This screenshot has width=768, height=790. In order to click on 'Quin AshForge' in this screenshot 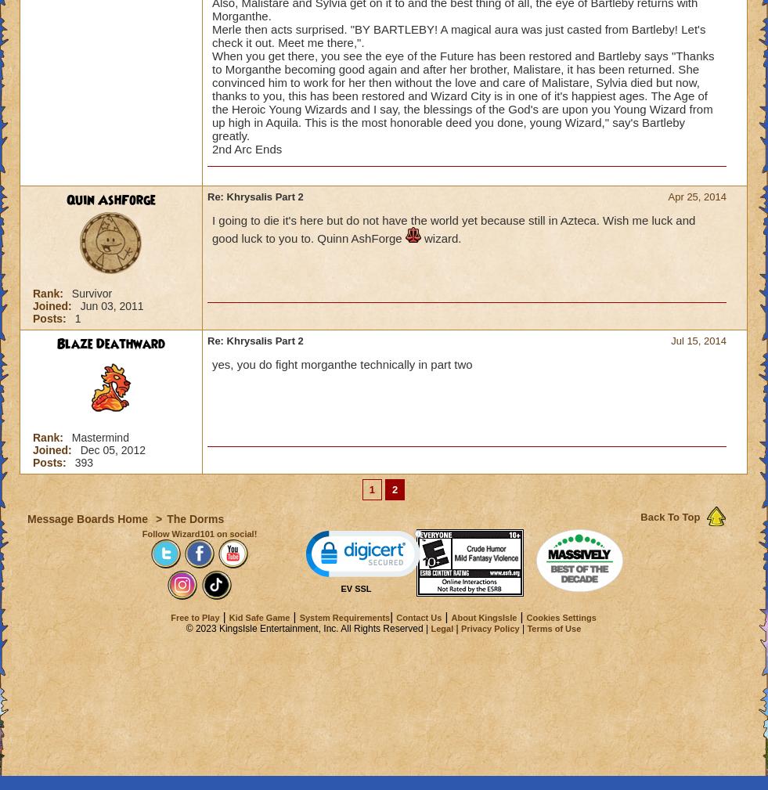, I will do `click(65, 199)`.